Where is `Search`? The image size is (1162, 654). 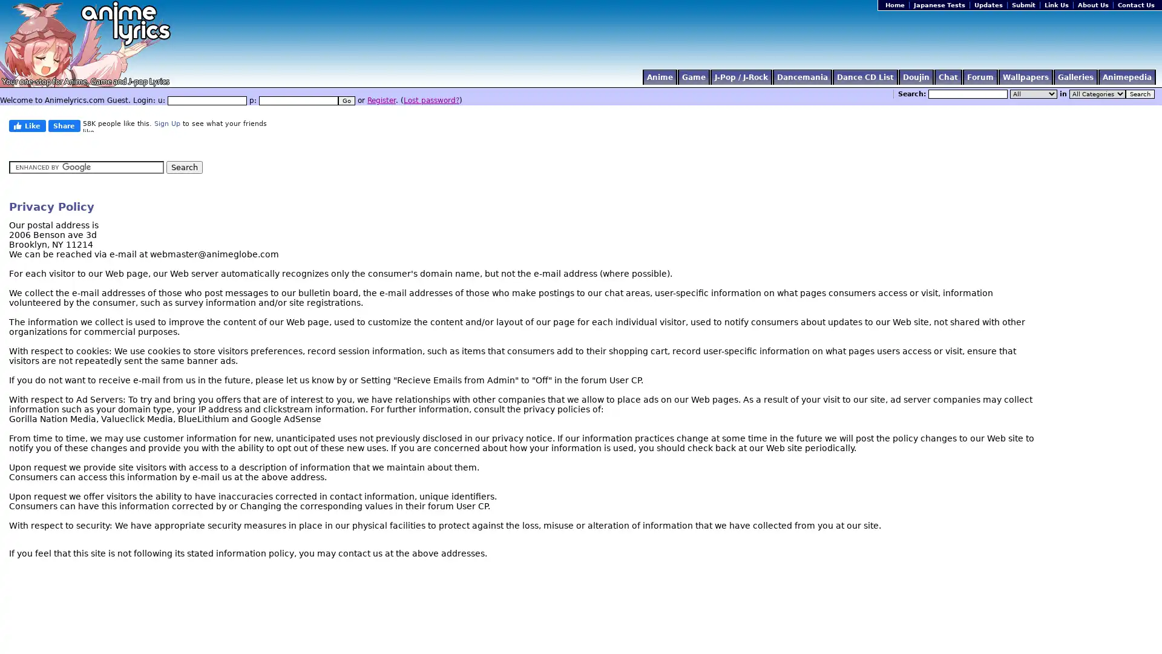
Search is located at coordinates (184, 167).